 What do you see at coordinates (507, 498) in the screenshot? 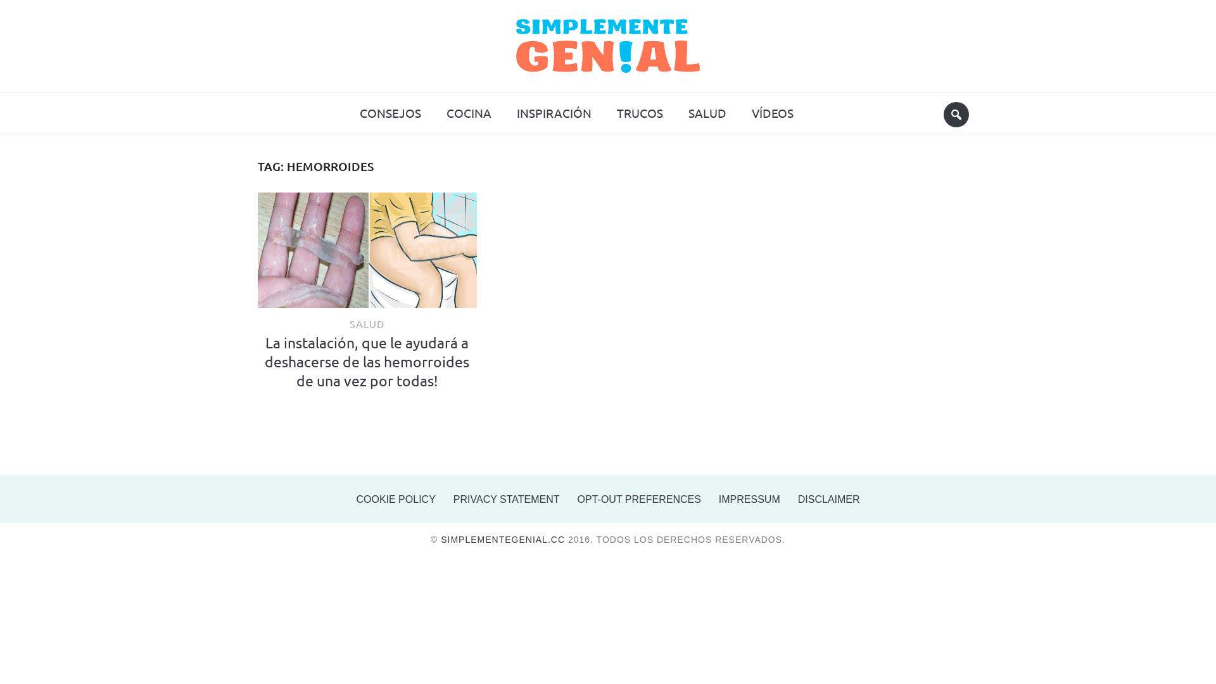
I see `'PRIVACY STATEMENT'` at bounding box center [507, 498].